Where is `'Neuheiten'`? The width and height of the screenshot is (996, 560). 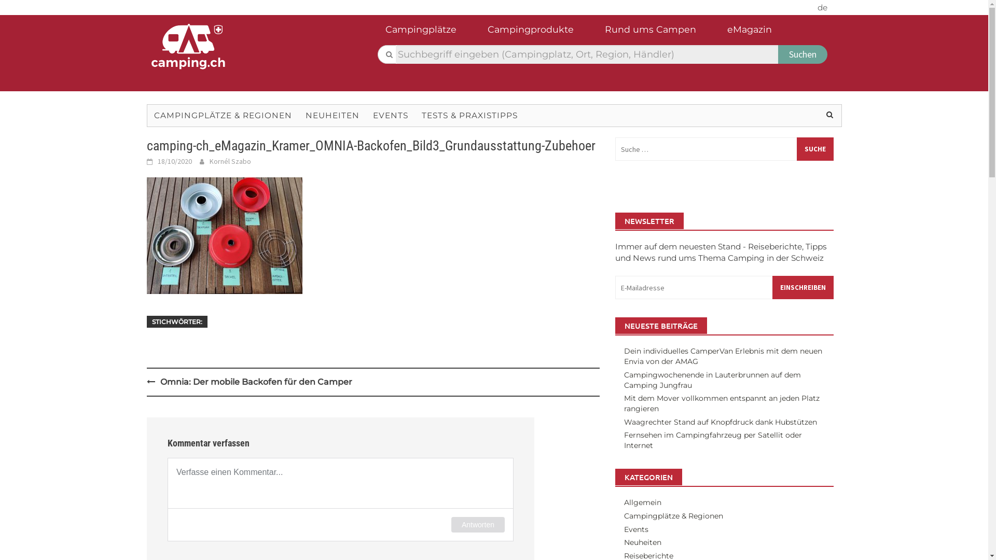
'Neuheiten' is located at coordinates (624, 541).